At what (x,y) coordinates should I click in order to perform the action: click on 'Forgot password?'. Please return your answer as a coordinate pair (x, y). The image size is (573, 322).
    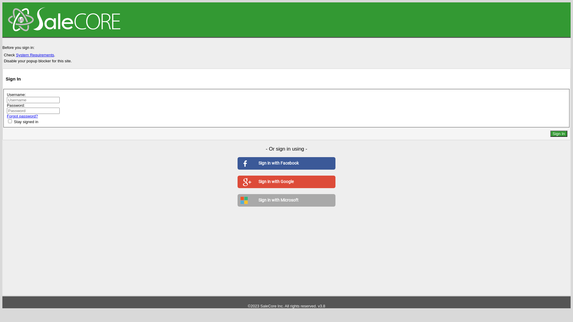
    Looking at the image, I should click on (7, 116).